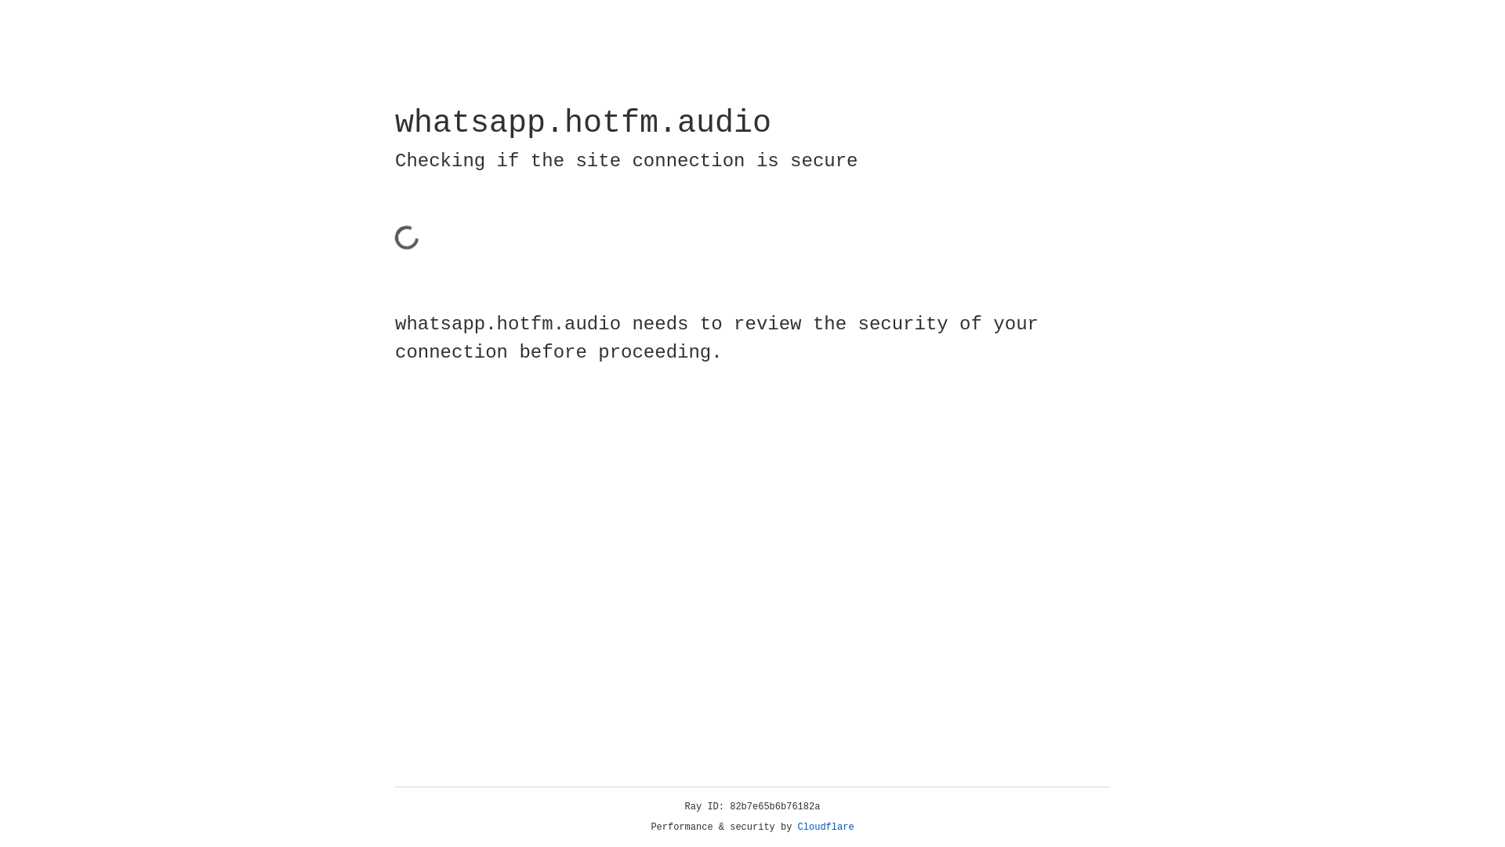  Describe the element at coordinates (825, 827) in the screenshot. I see `'Cloudflare'` at that location.